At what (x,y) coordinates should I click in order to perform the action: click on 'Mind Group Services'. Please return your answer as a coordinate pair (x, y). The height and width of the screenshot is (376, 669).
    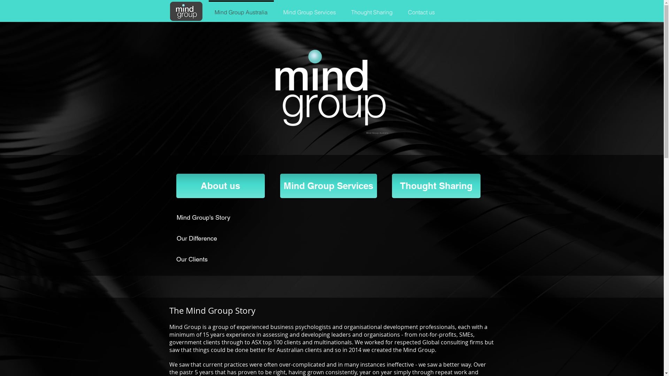
    Looking at the image, I should click on (328, 185).